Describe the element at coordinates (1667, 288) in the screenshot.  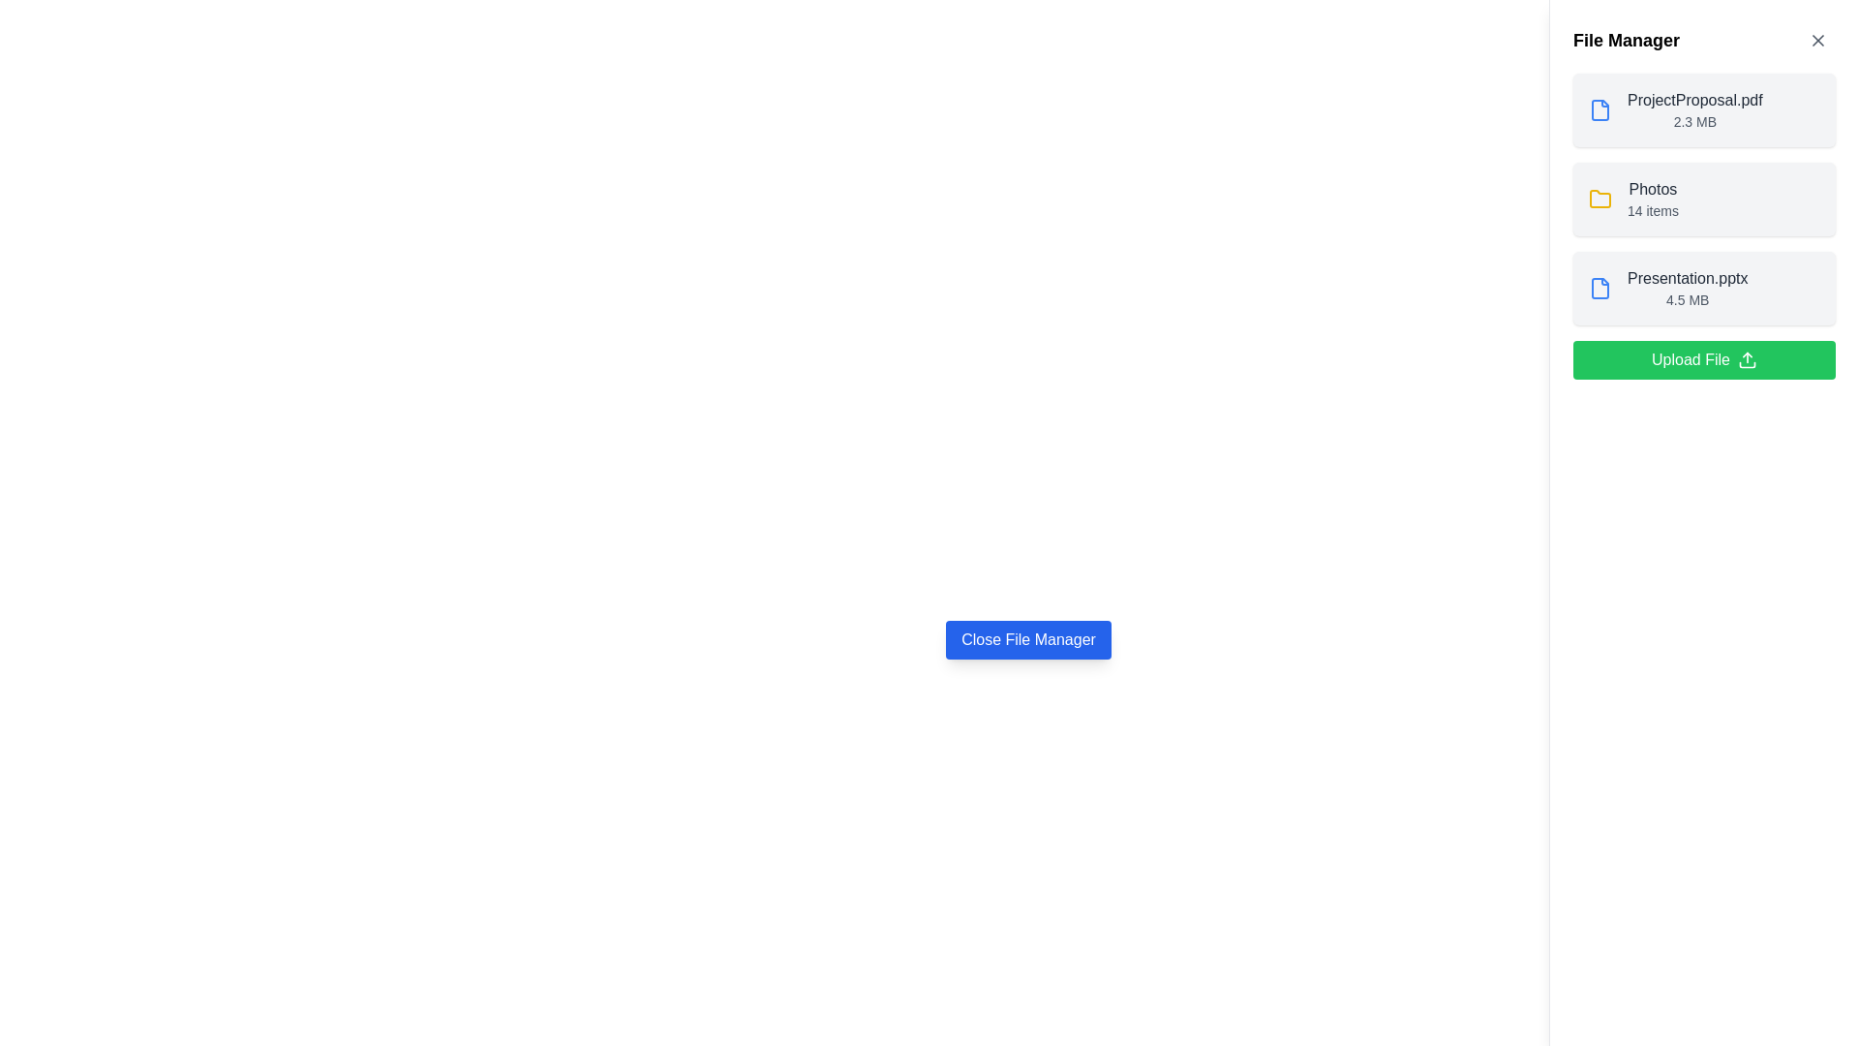
I see `the 'Presentation.pptx' file entry` at that location.